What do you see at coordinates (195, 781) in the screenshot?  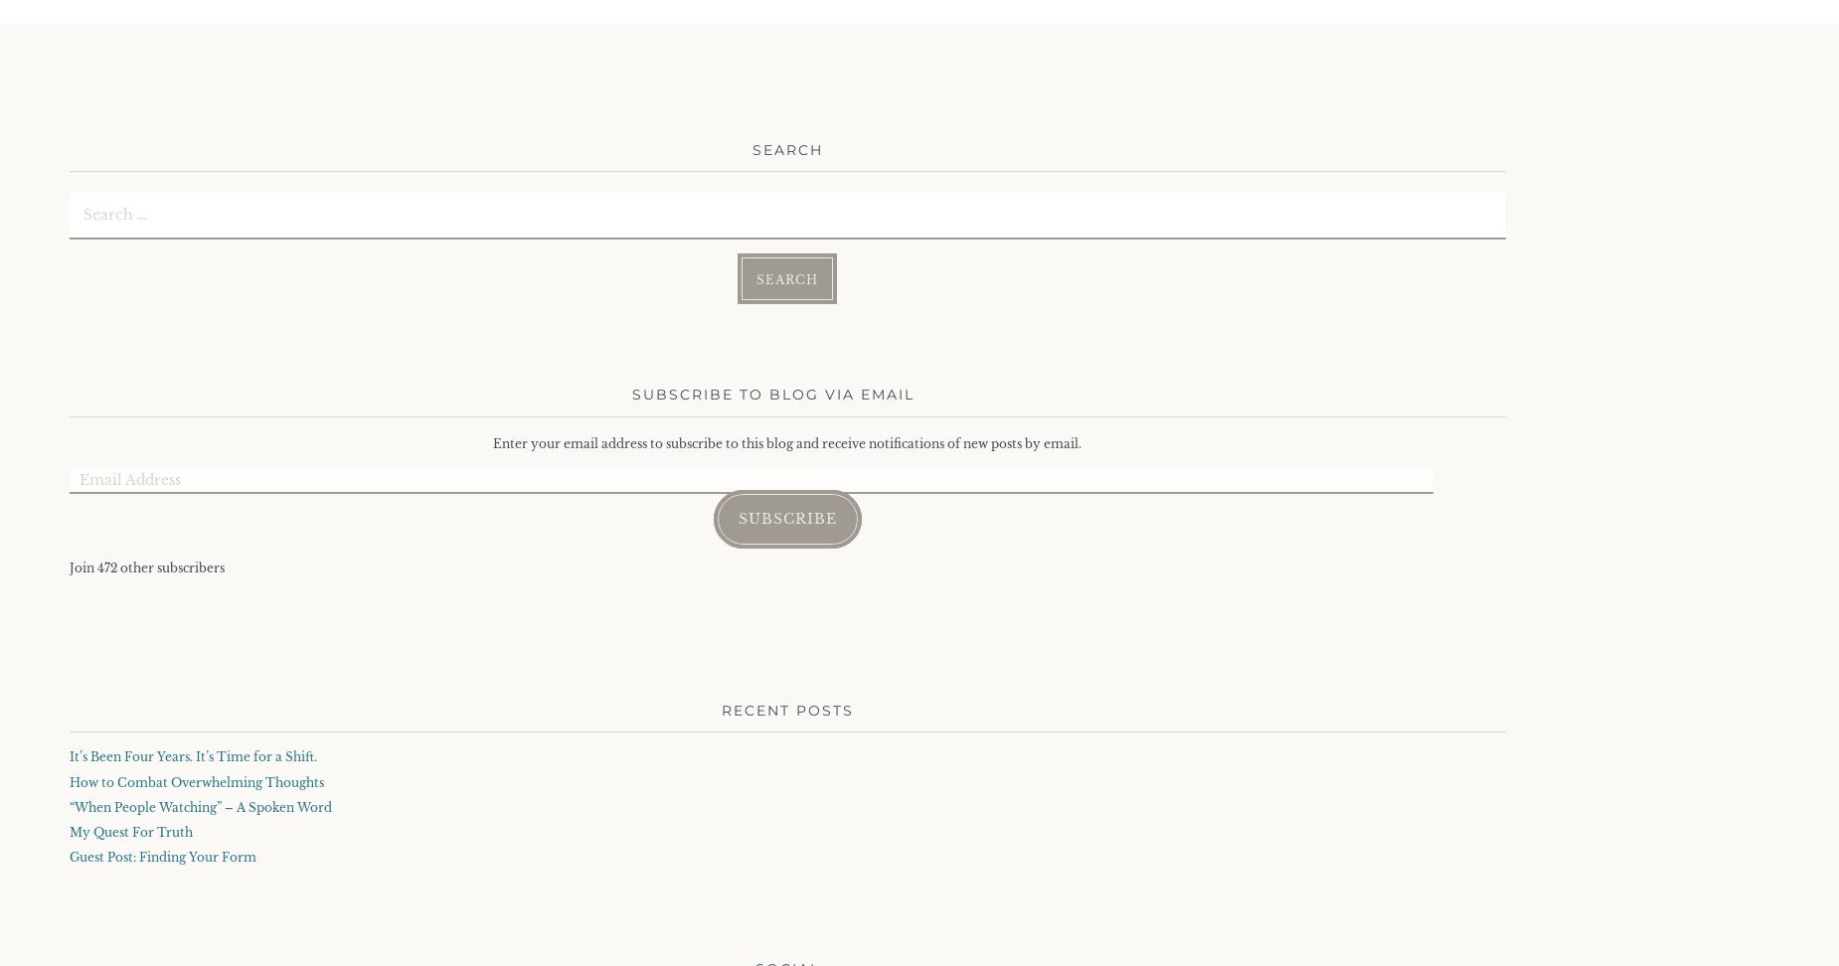 I see `'How to Combat Overwhelming Thoughts'` at bounding box center [195, 781].